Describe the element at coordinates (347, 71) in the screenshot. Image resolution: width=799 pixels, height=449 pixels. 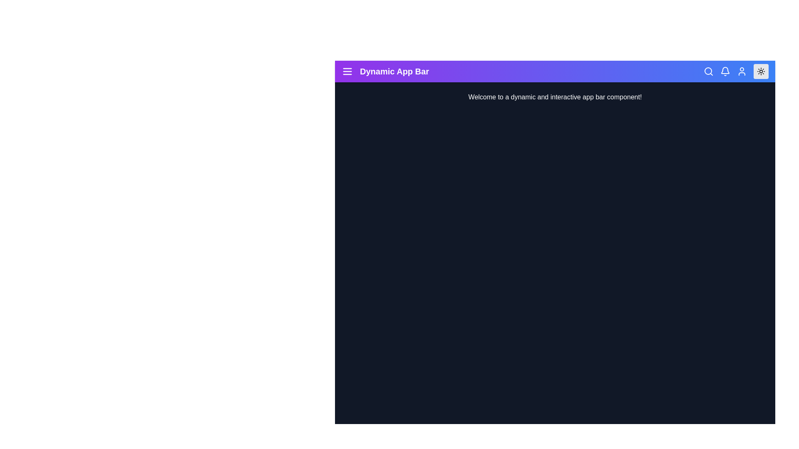
I see `the menu icon on the left side of the app bar` at that location.